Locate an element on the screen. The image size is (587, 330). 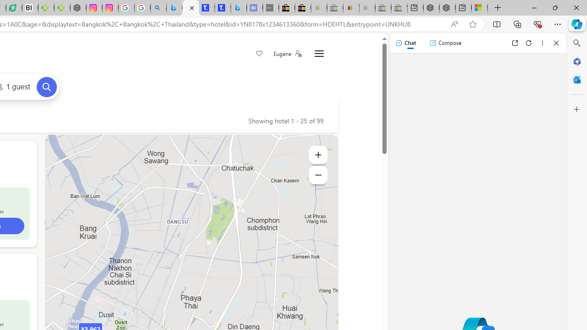
'Threats and offensive language policy | eBay' is located at coordinates (351, 8).